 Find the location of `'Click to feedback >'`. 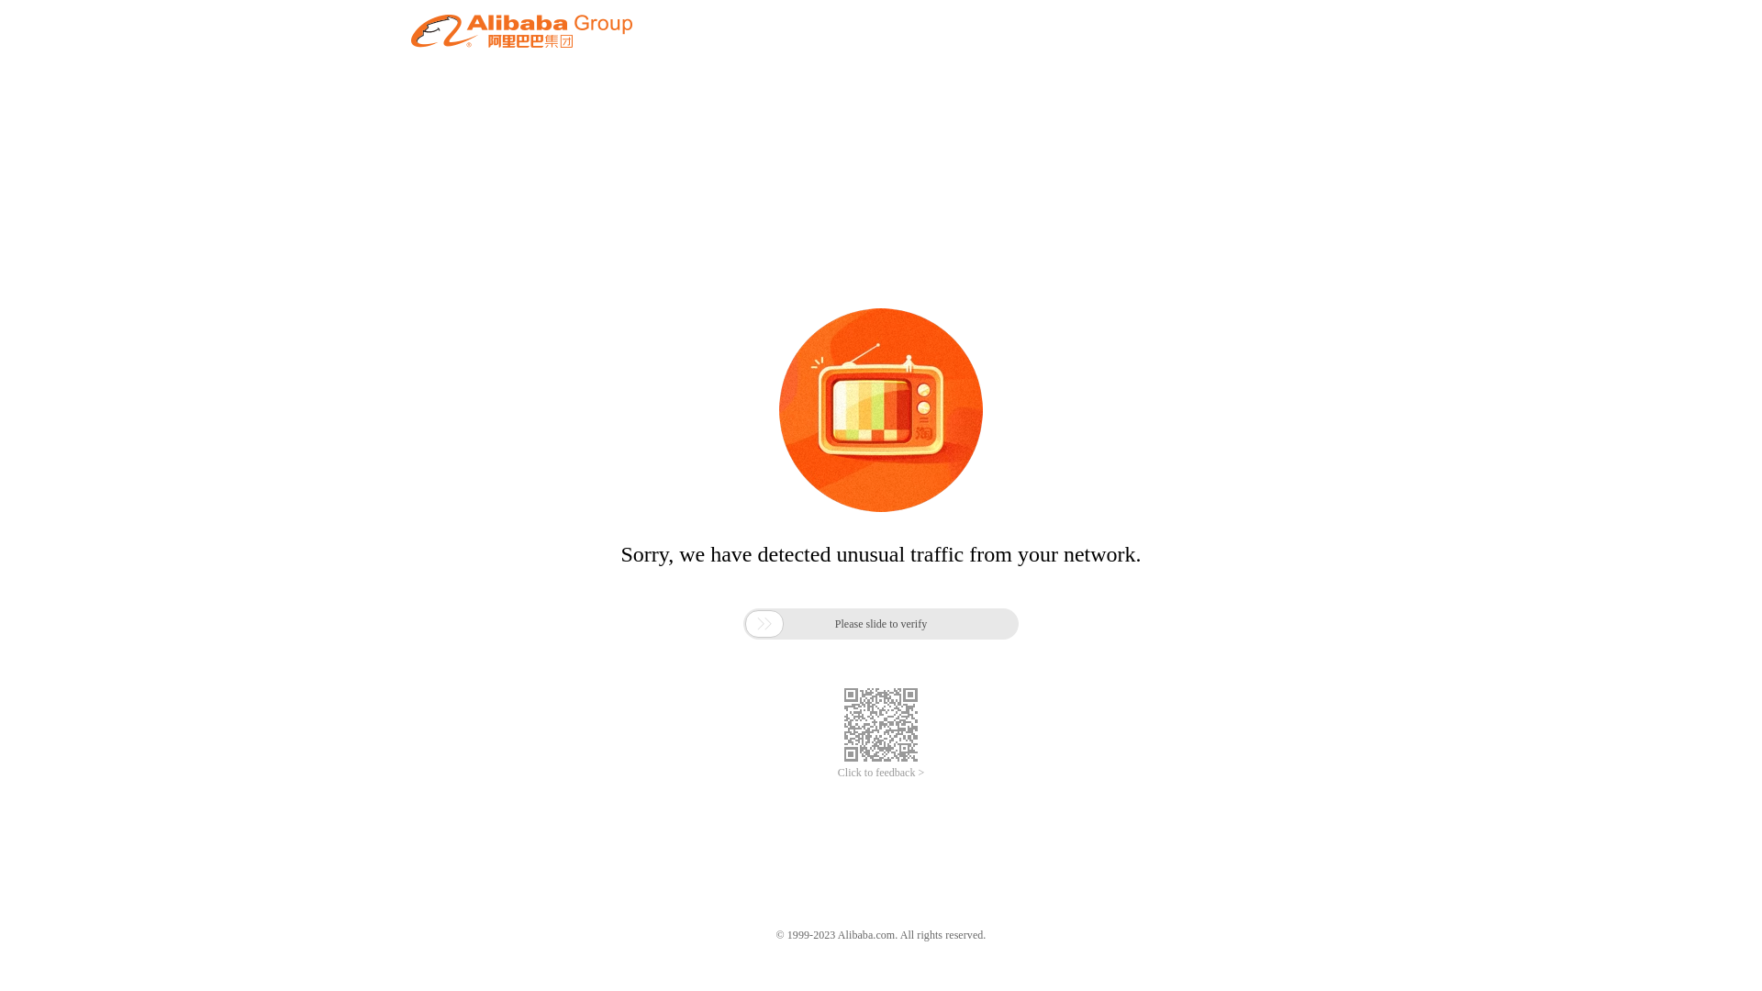

'Click to feedback >' is located at coordinates (881, 773).